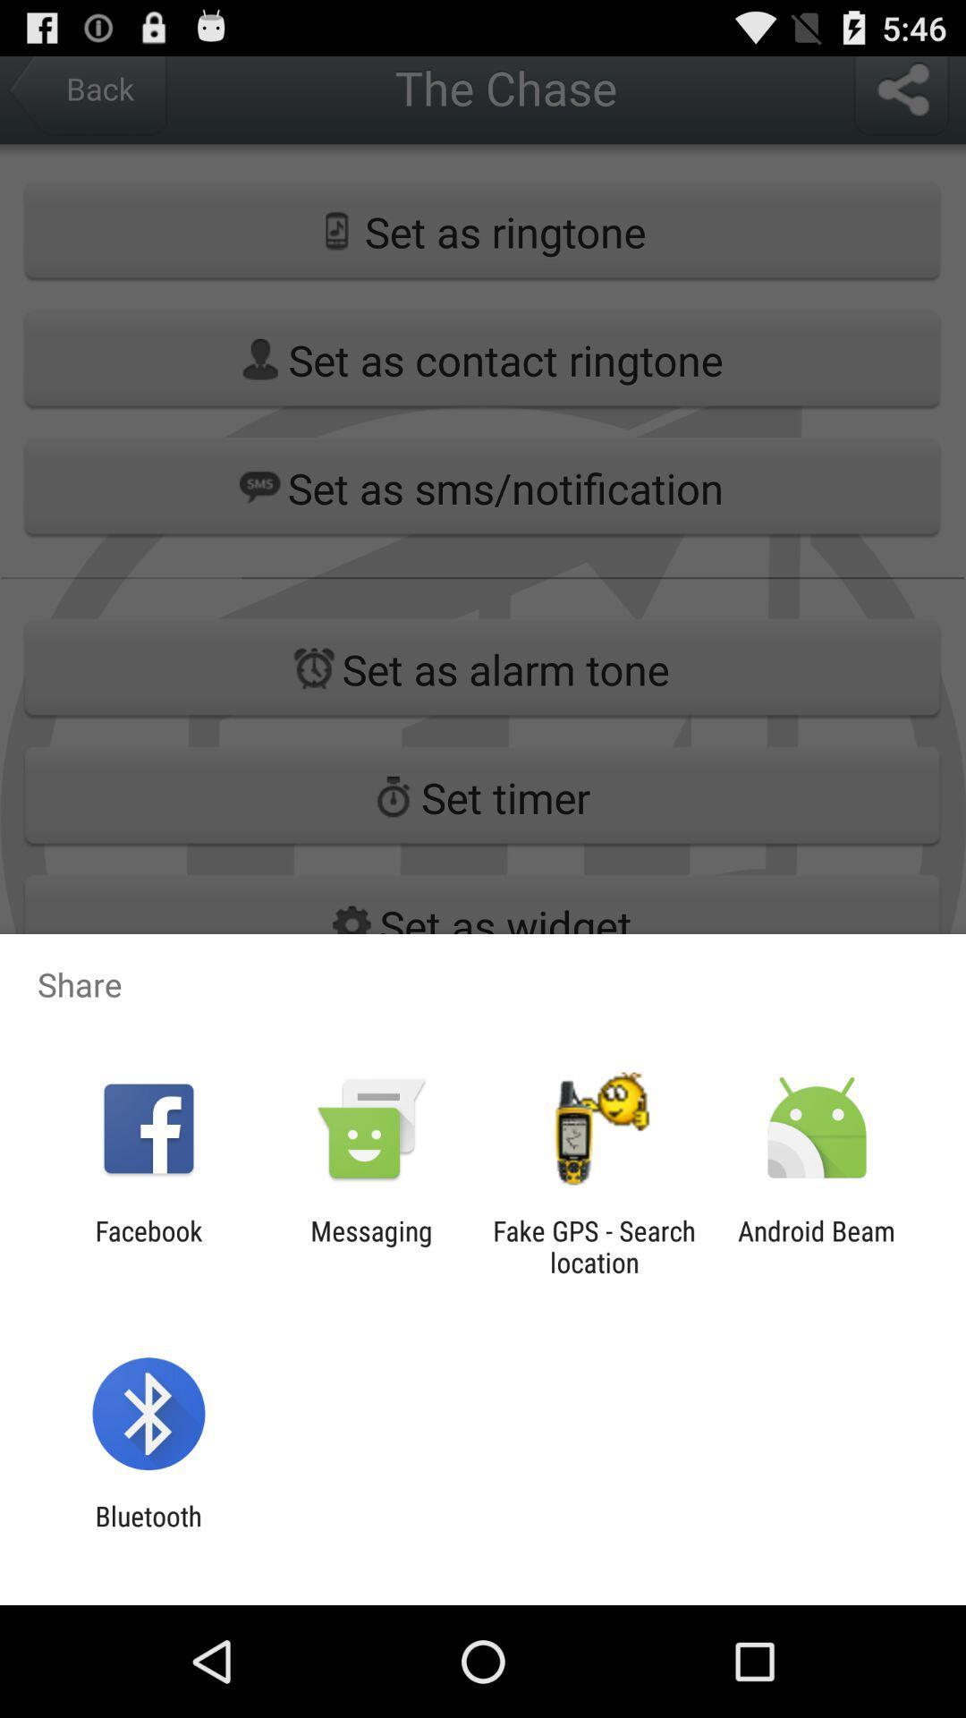 This screenshot has height=1718, width=966. I want to click on app next to the facebook icon, so click(370, 1246).